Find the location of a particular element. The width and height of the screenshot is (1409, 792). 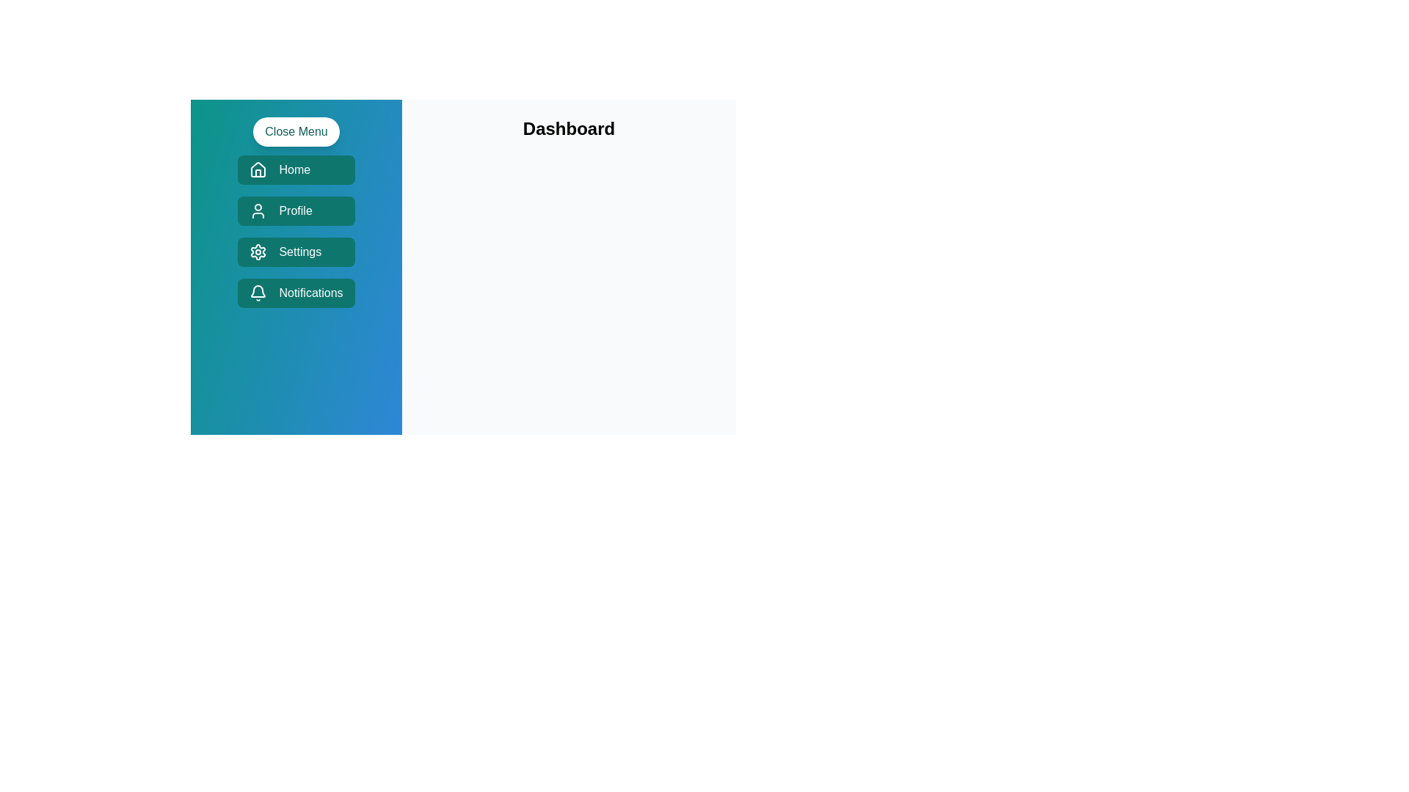

the 'Home' button is located at coordinates (295, 169).